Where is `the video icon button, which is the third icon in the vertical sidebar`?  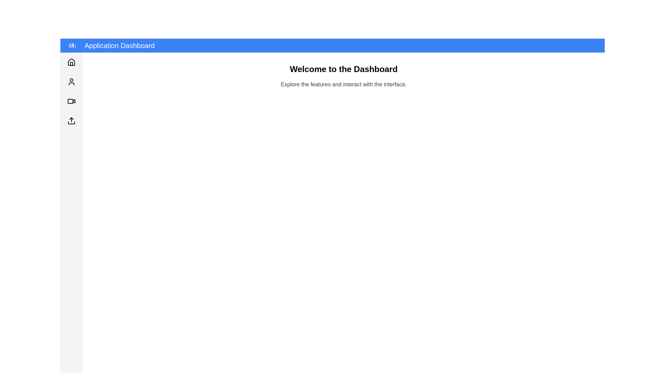 the video icon button, which is the third icon in the vertical sidebar is located at coordinates (72, 101).